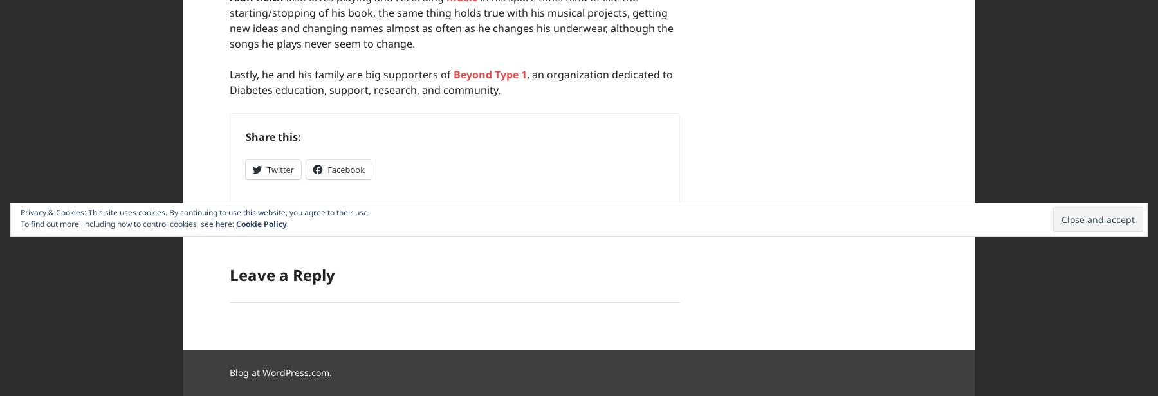 This screenshot has height=396, width=1158. Describe the element at coordinates (341, 74) in the screenshot. I see `'Lastly, he and his family are big supporters of'` at that location.